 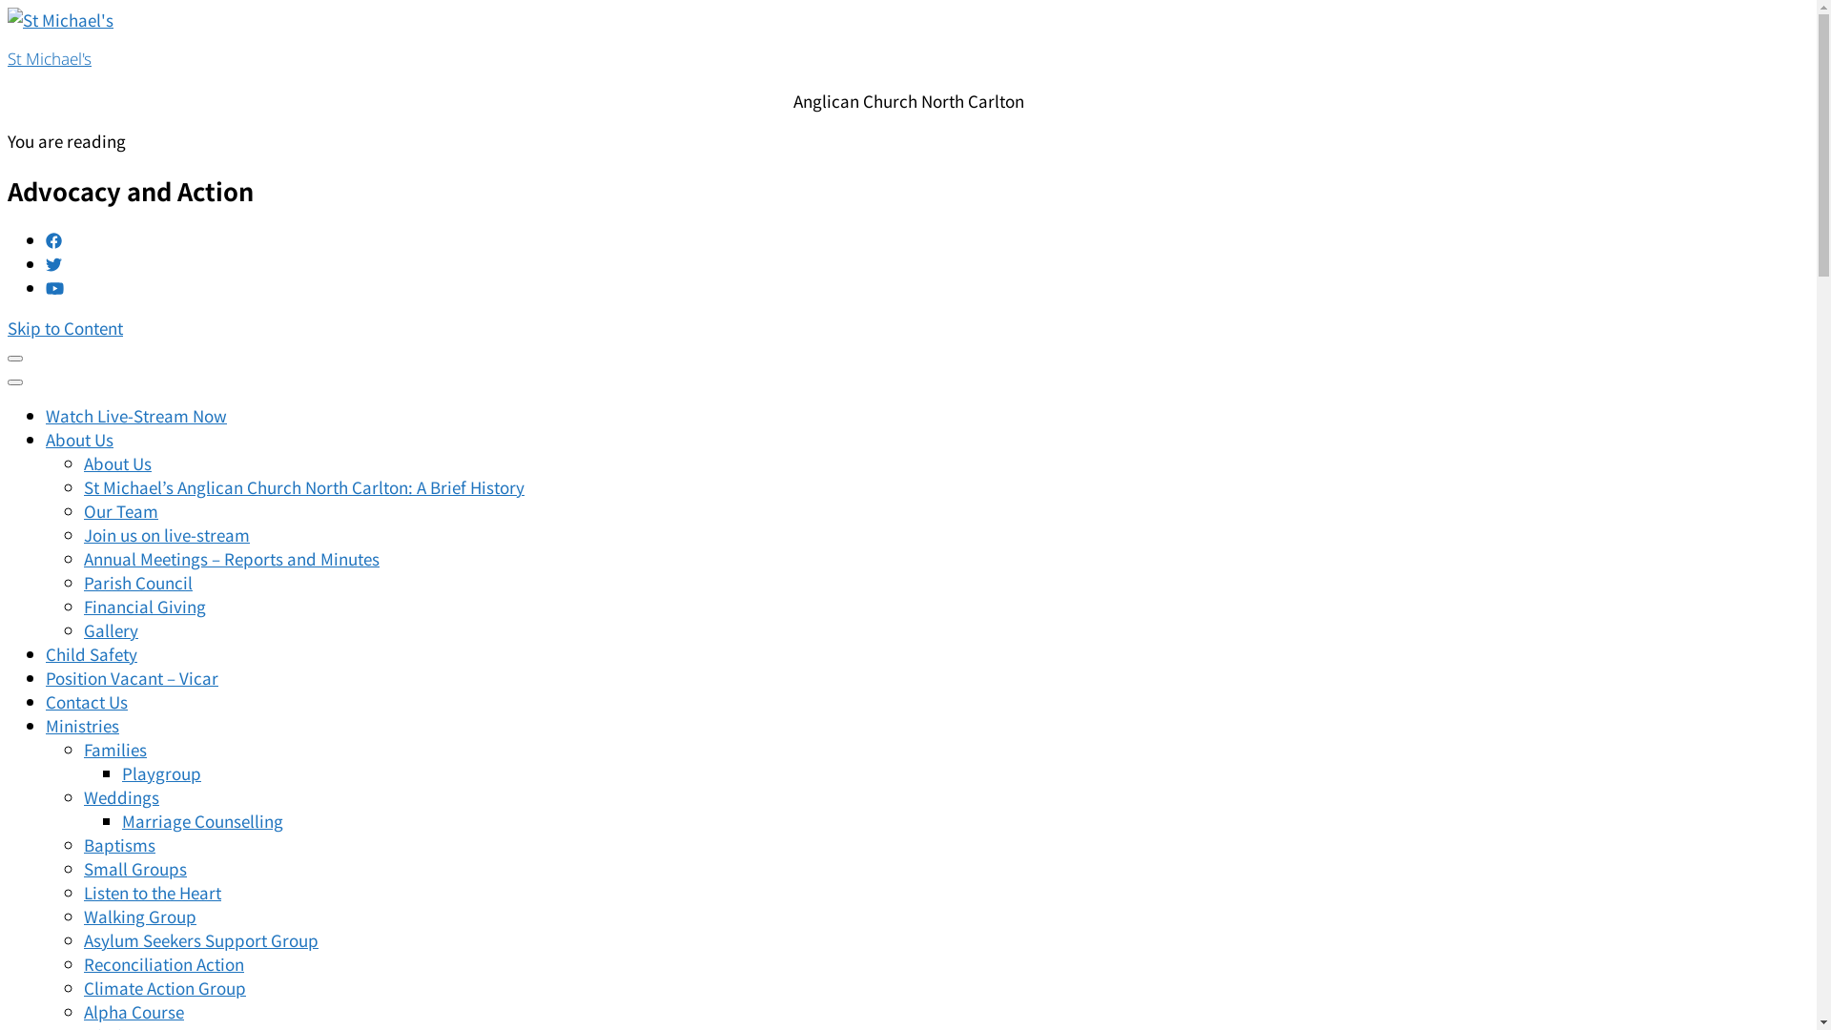 What do you see at coordinates (8, 57) in the screenshot?
I see `'St Michael's'` at bounding box center [8, 57].